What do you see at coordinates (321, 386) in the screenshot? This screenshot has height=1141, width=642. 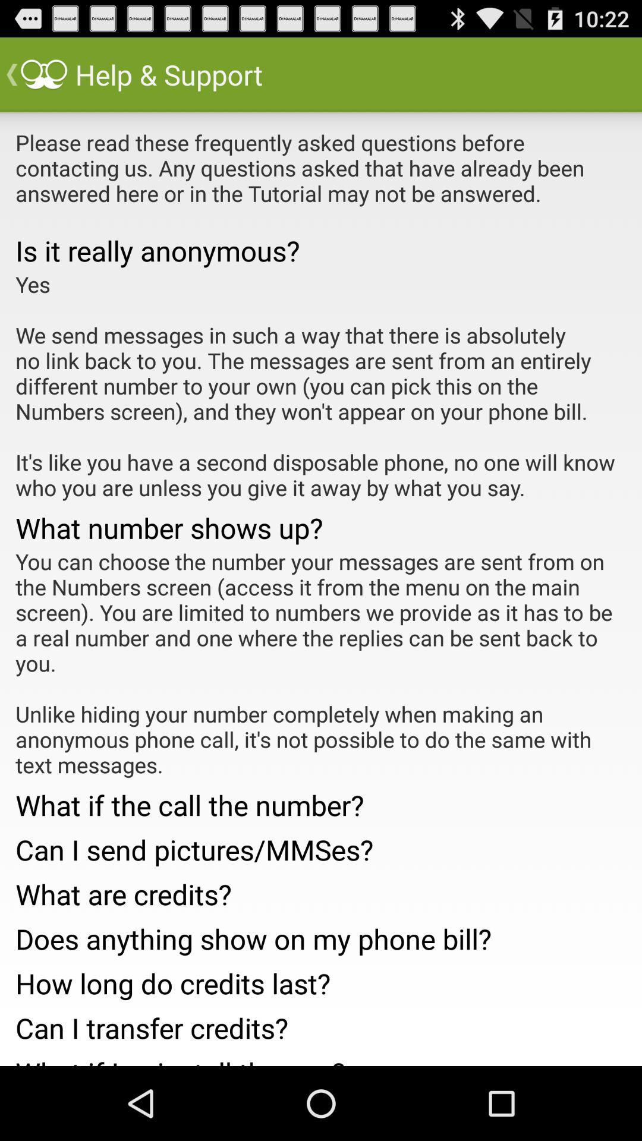 I see `yes we send` at bounding box center [321, 386].